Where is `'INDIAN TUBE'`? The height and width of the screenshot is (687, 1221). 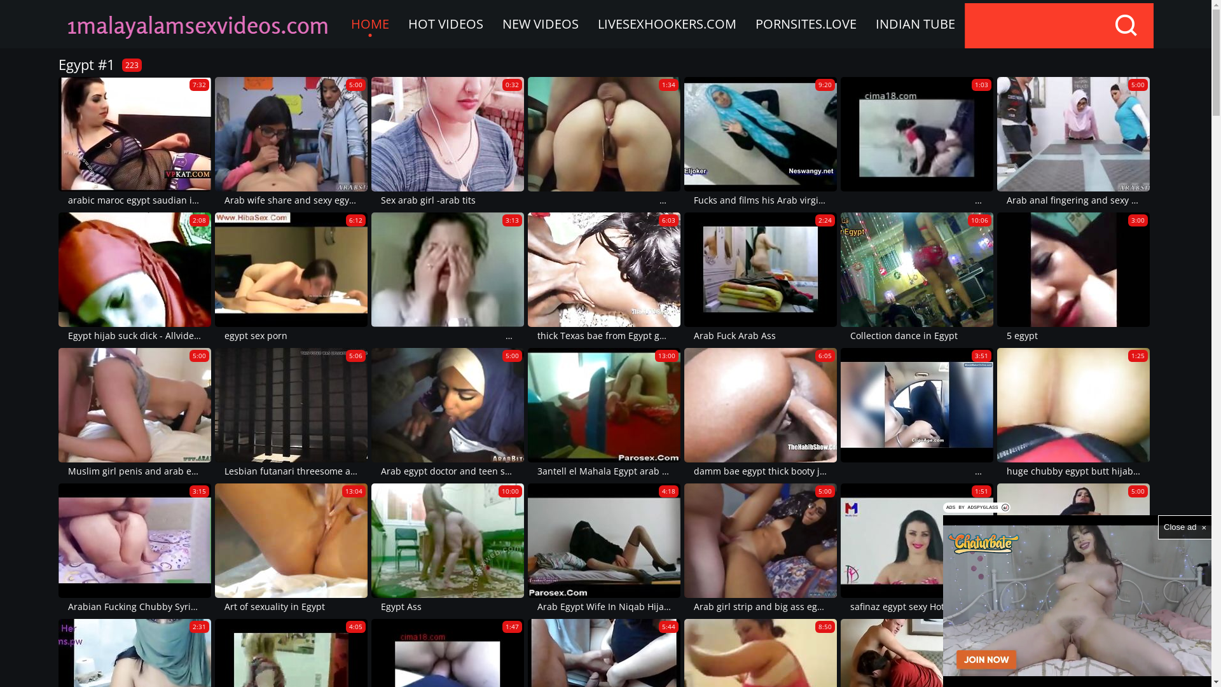 'INDIAN TUBE' is located at coordinates (914, 24).